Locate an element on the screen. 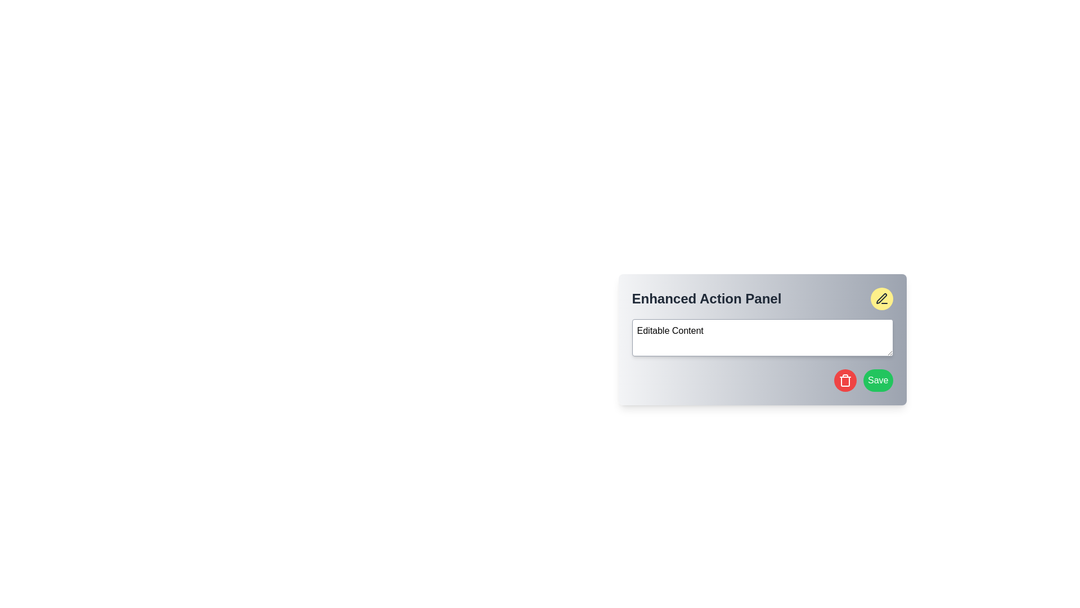 This screenshot has width=1080, height=608. the delete button located in the lower-right corner of the 'Enhanced Action Panel', immediately left of the green 'Save' button is located at coordinates (845, 380).